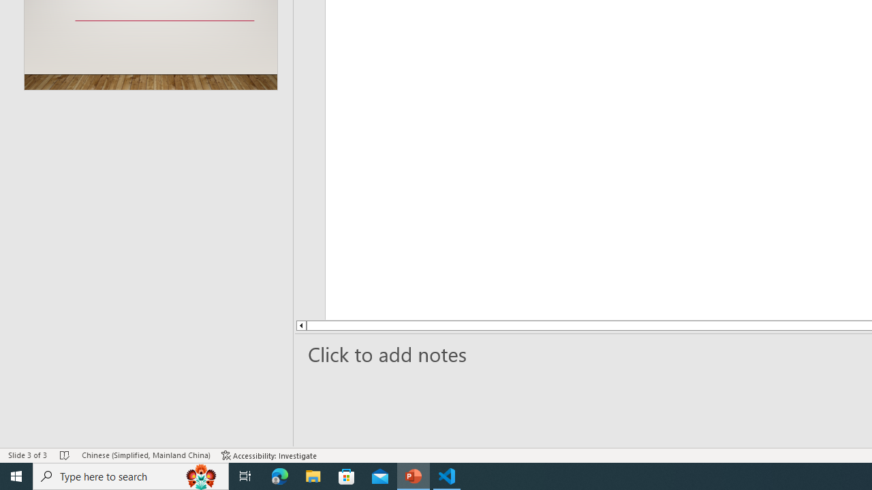  What do you see at coordinates (260, 325) in the screenshot?
I see `'Line up'` at bounding box center [260, 325].